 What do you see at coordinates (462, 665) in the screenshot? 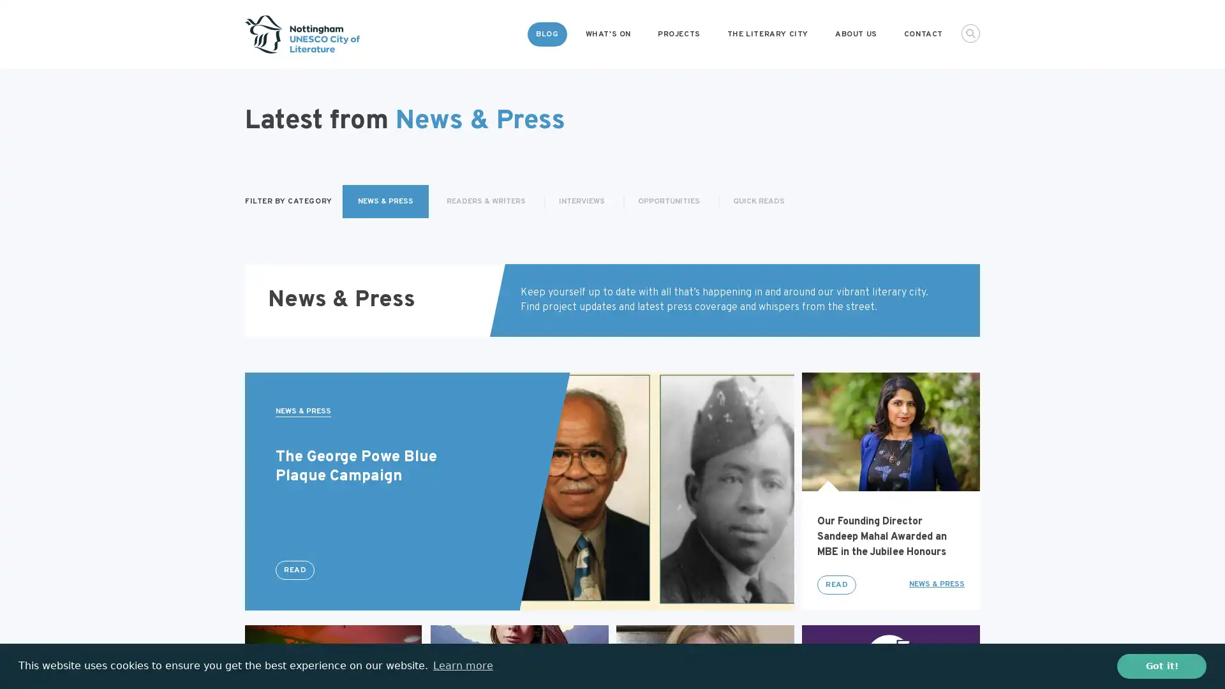
I see `learn more about cookies` at bounding box center [462, 665].